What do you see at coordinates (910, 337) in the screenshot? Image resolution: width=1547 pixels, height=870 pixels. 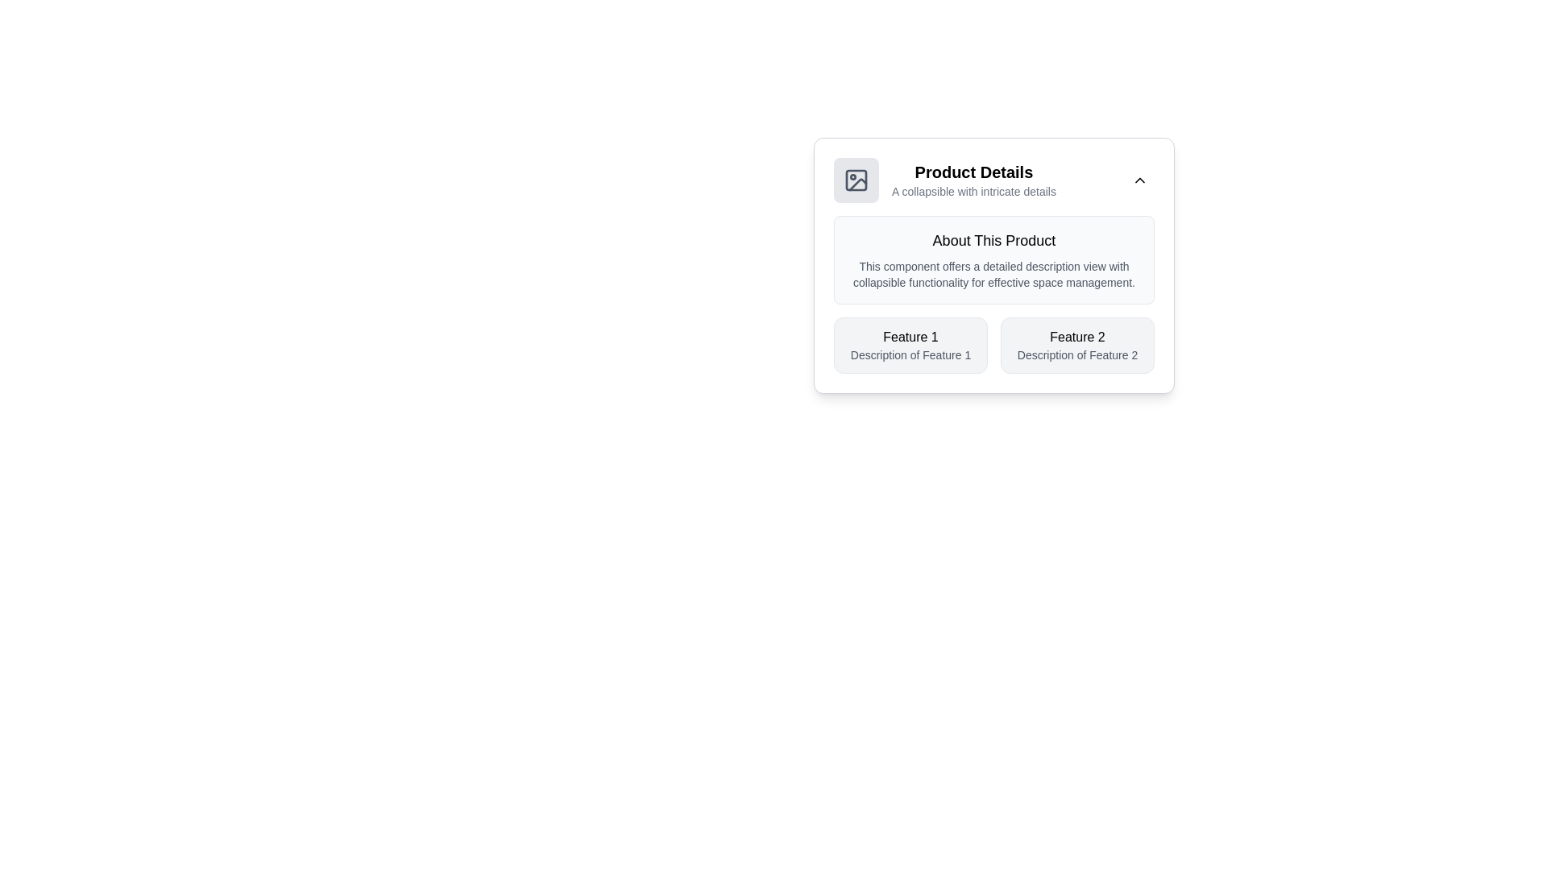 I see `text from the header or title of the feature represented by the Text label, which is positioned above the 'Description of Feature 1' text within a rounded rectangle box` at bounding box center [910, 337].